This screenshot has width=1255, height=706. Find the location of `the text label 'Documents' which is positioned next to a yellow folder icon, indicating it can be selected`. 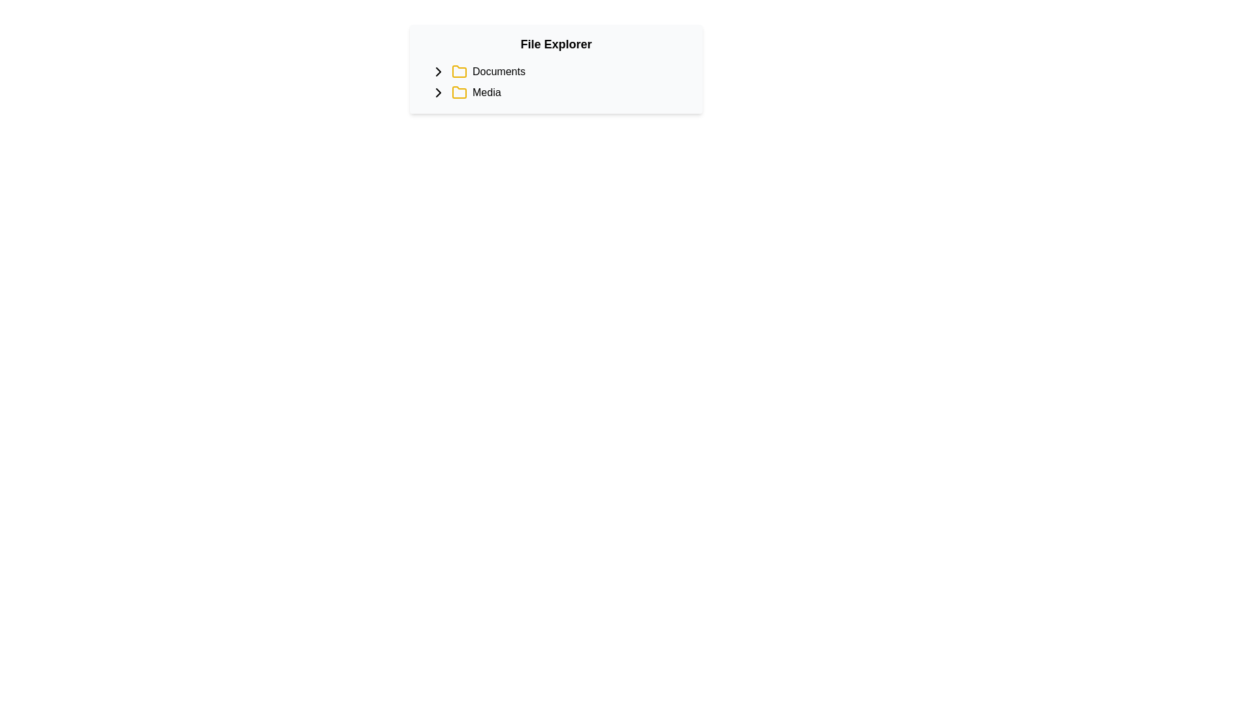

the text label 'Documents' which is positioned next to a yellow folder icon, indicating it can be selected is located at coordinates (498, 72).